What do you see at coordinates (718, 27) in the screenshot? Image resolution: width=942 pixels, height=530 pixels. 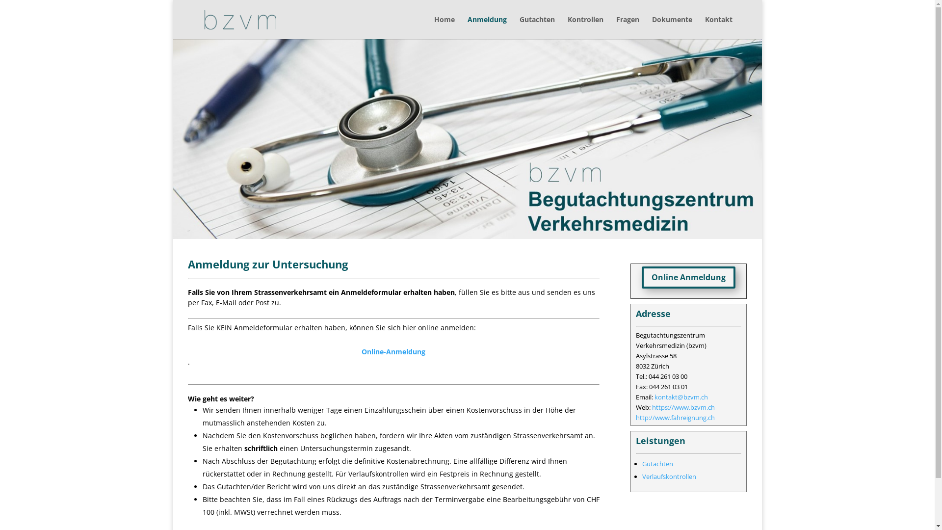 I see `'Kontakt'` at bounding box center [718, 27].